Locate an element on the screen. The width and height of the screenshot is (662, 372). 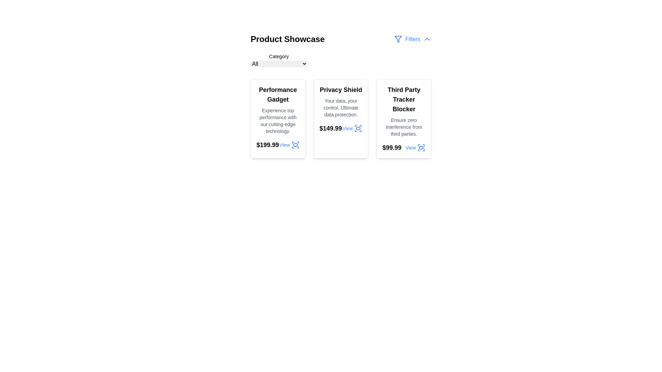
the text block containing the sentence 'Your data, your control. Ultimate data protection.' styled in gray, located within the 'Privacy Shield' card is located at coordinates (341, 107).